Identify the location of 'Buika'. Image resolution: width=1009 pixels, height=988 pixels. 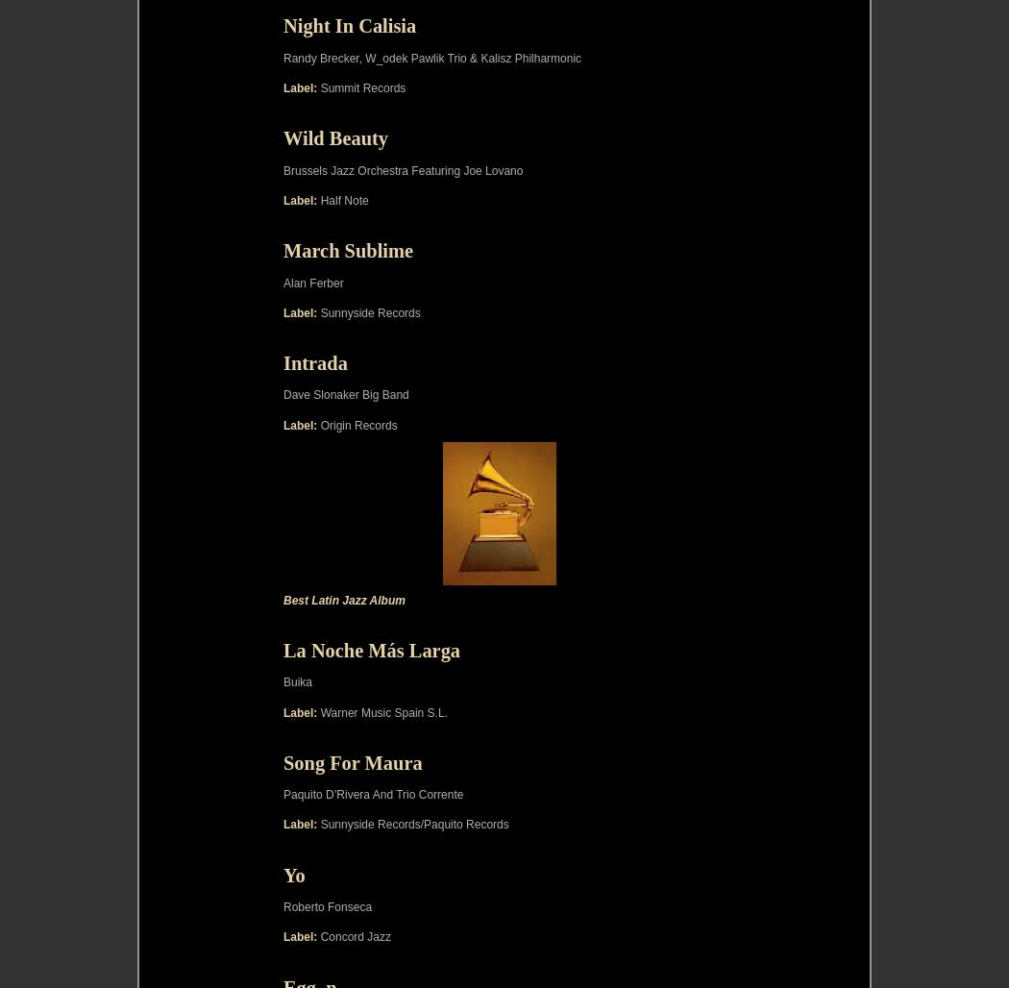
(297, 681).